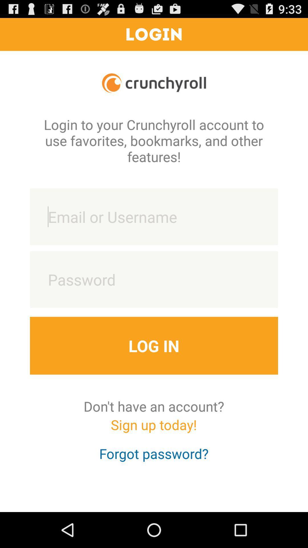 The height and width of the screenshot is (548, 308). What do you see at coordinates (153, 430) in the screenshot?
I see `the item above the forgot password? item` at bounding box center [153, 430].